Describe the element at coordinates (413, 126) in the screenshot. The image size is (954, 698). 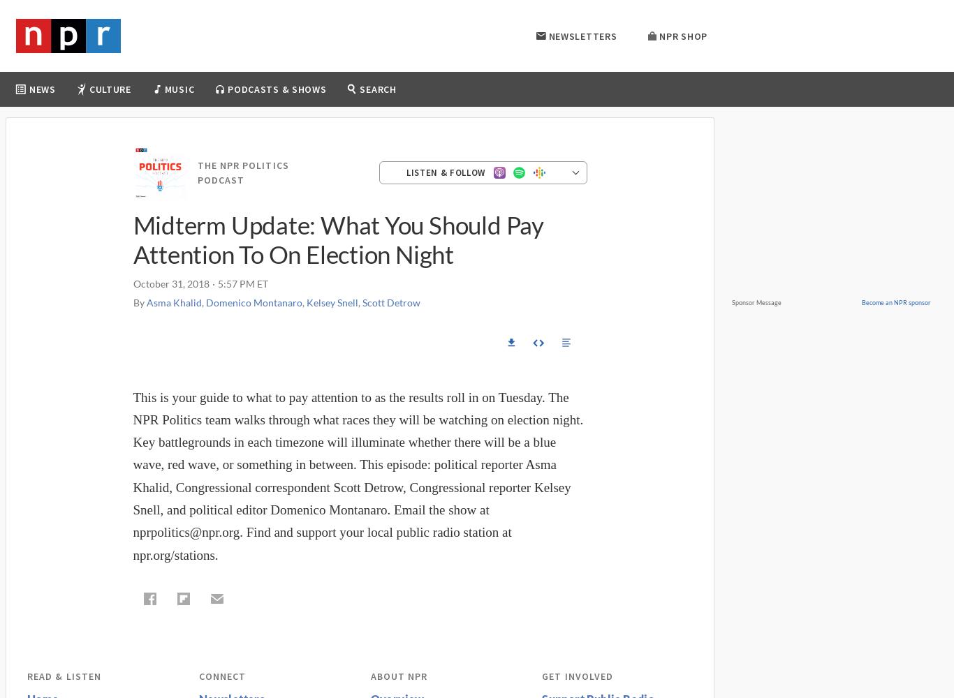
I see `'Featured'` at that location.